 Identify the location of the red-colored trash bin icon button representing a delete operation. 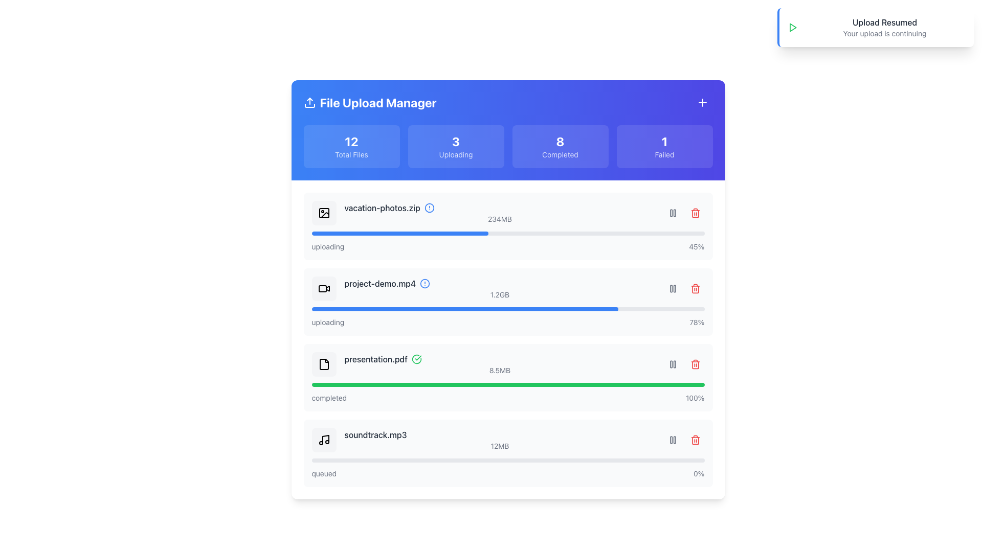
(695, 288).